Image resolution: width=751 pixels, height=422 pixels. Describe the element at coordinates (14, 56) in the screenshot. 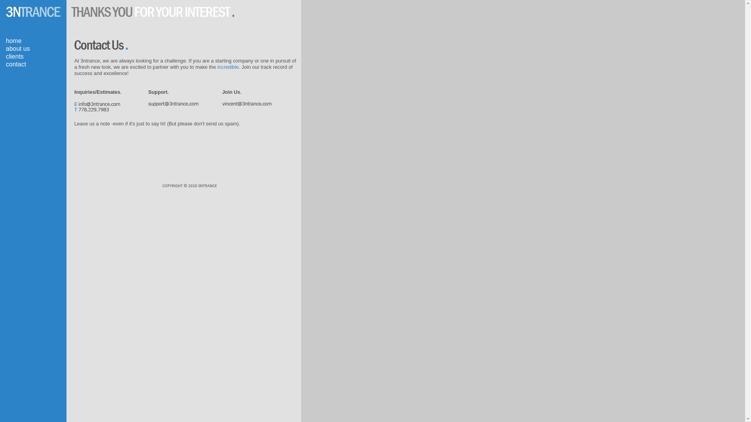

I see `'clients'` at that location.